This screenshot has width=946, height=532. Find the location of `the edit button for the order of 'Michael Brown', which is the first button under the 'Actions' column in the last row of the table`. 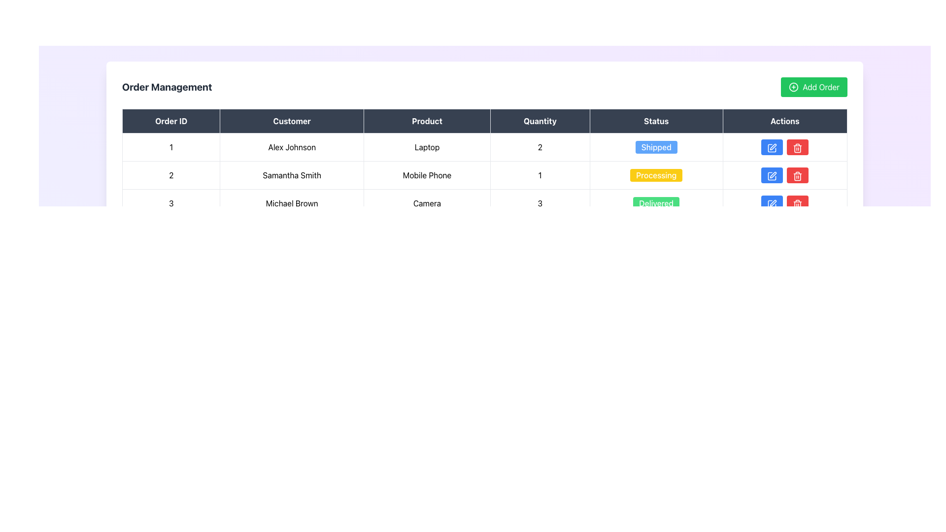

the edit button for the order of 'Michael Brown', which is the first button under the 'Actions' column in the last row of the table is located at coordinates (771, 202).